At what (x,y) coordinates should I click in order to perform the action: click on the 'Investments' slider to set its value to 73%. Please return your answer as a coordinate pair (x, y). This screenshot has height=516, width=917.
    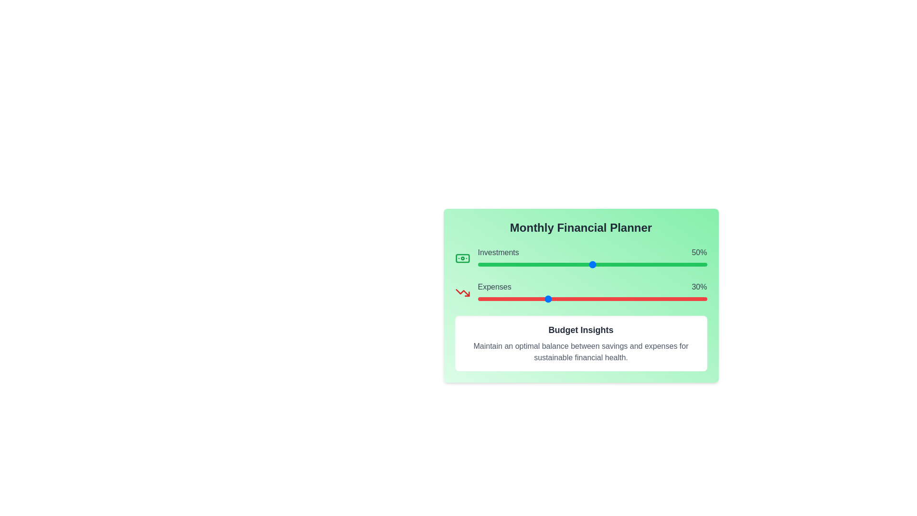
    Looking at the image, I should click on (645, 265).